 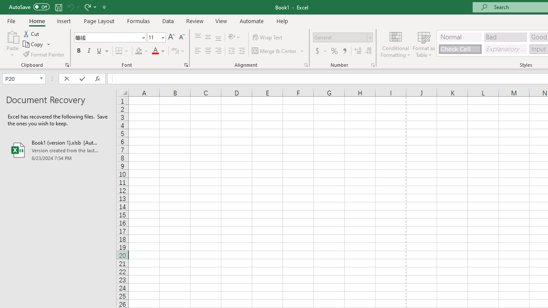 What do you see at coordinates (4, 5) in the screenshot?
I see `'System'` at bounding box center [4, 5].